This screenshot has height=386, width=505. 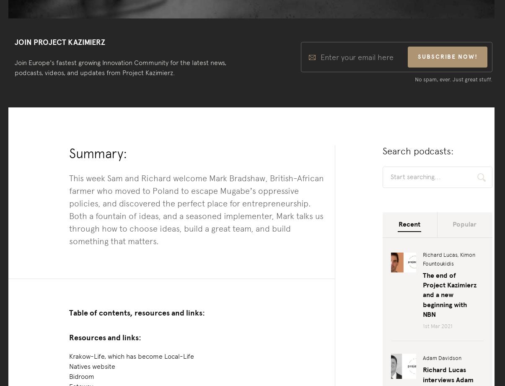 I want to click on 'Adam Davidson', so click(x=442, y=357).